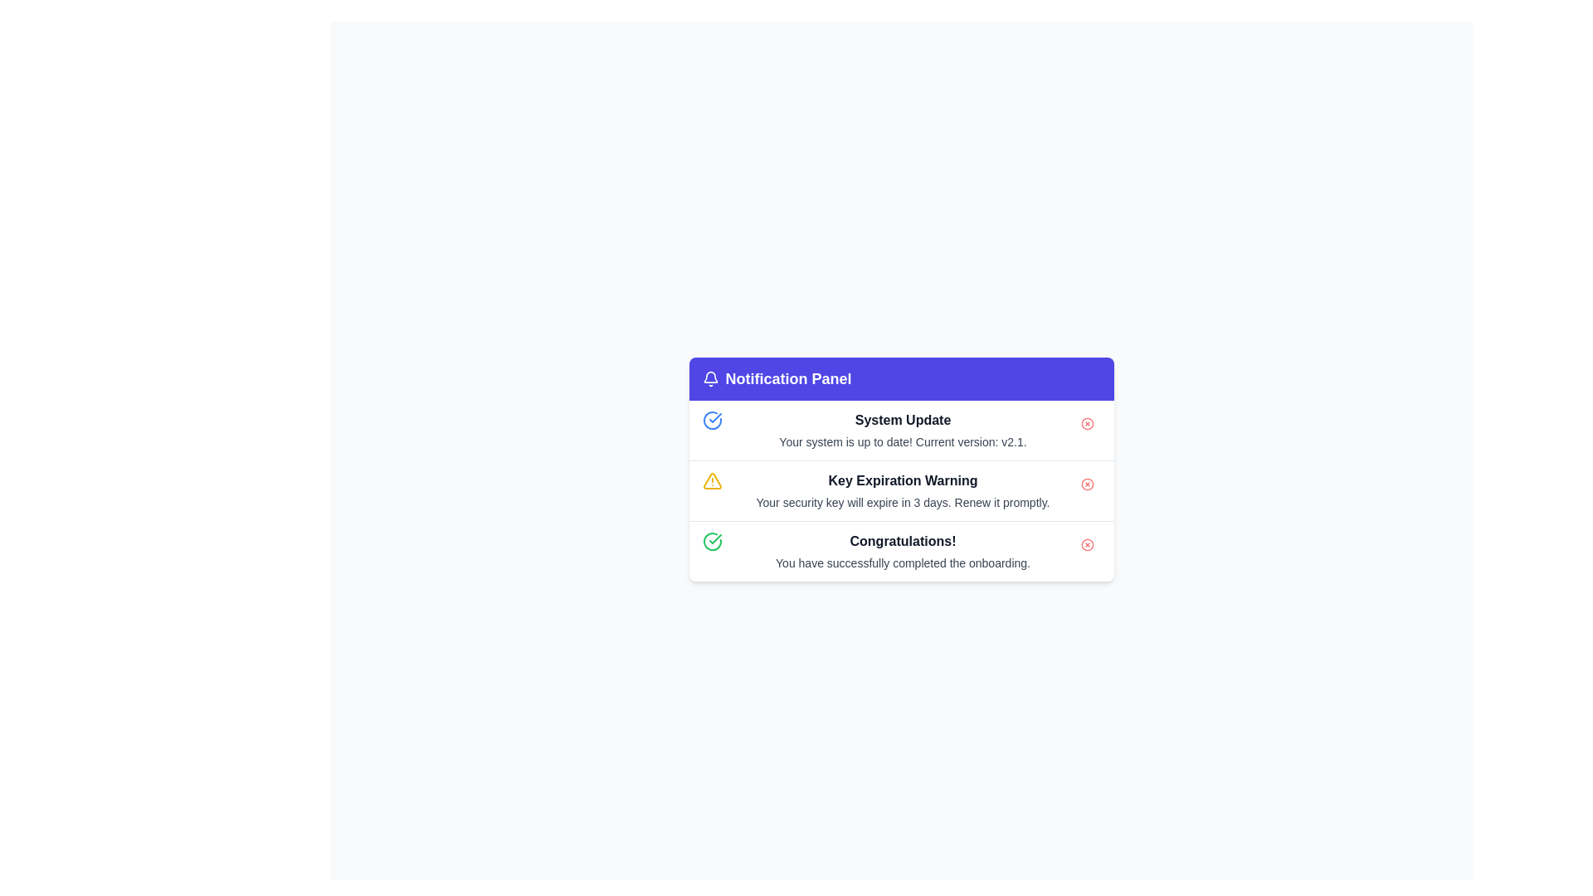 This screenshot has width=1593, height=896. Describe the element at coordinates (902, 489) in the screenshot. I see `notification message about the expiration of the security key, located in the middle section of the notification list` at that location.